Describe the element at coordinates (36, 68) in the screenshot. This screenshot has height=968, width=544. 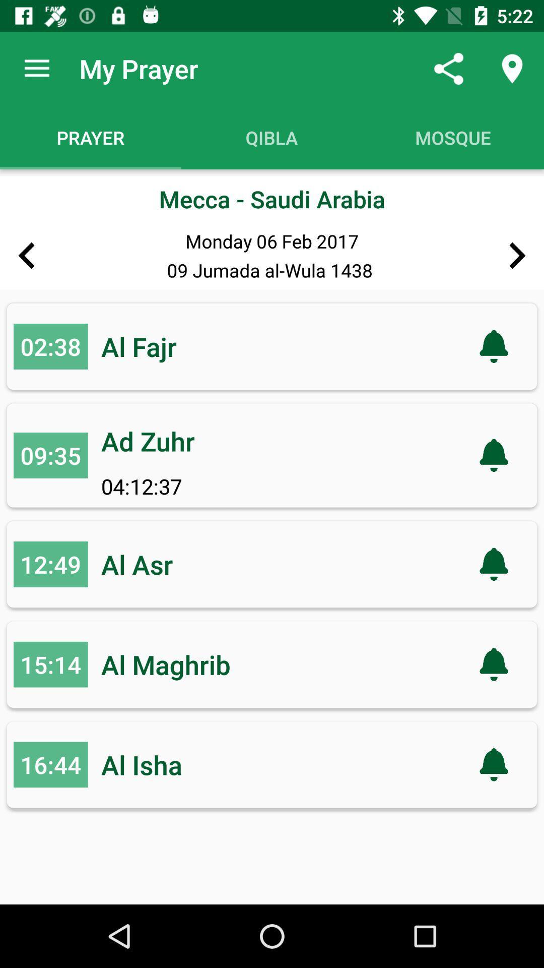
I see `the icon above prayer icon` at that location.